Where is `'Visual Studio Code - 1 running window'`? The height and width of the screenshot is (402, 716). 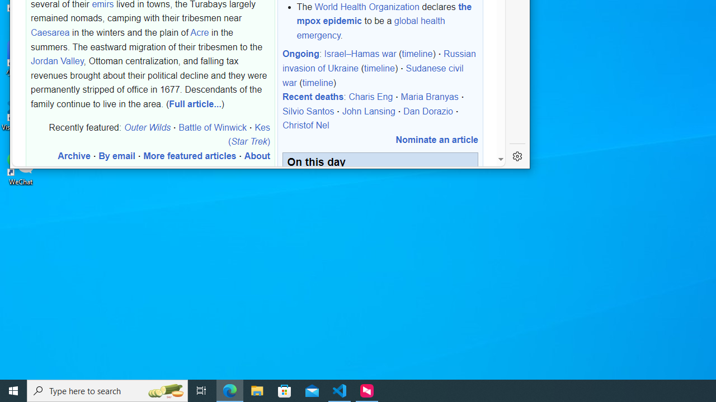 'Visual Studio Code - 1 running window' is located at coordinates (339, 390).